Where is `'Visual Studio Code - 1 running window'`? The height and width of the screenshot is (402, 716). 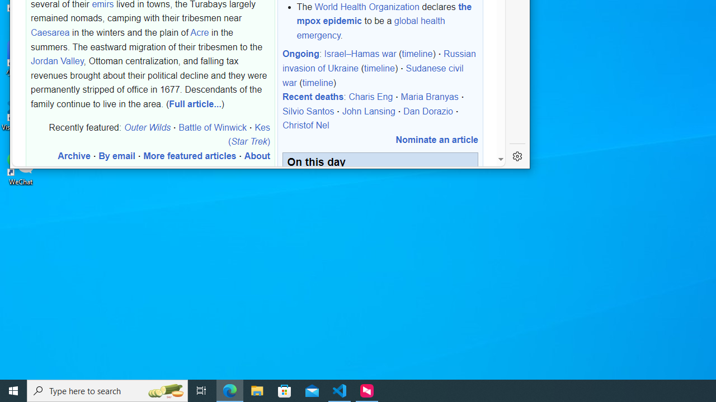 'Visual Studio Code - 1 running window' is located at coordinates (339, 390).